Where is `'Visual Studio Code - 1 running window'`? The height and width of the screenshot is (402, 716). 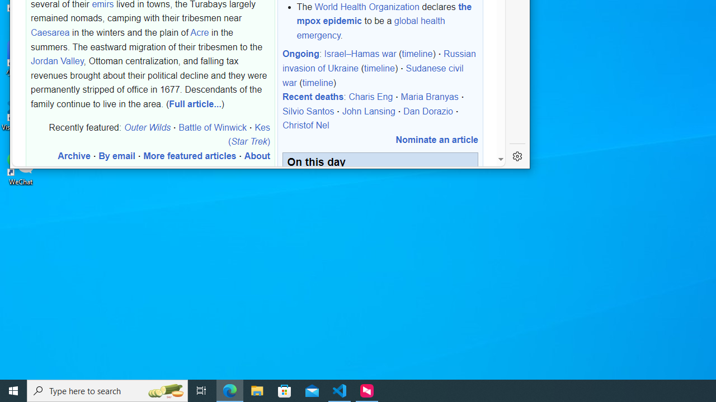 'Visual Studio Code - 1 running window' is located at coordinates (339, 390).